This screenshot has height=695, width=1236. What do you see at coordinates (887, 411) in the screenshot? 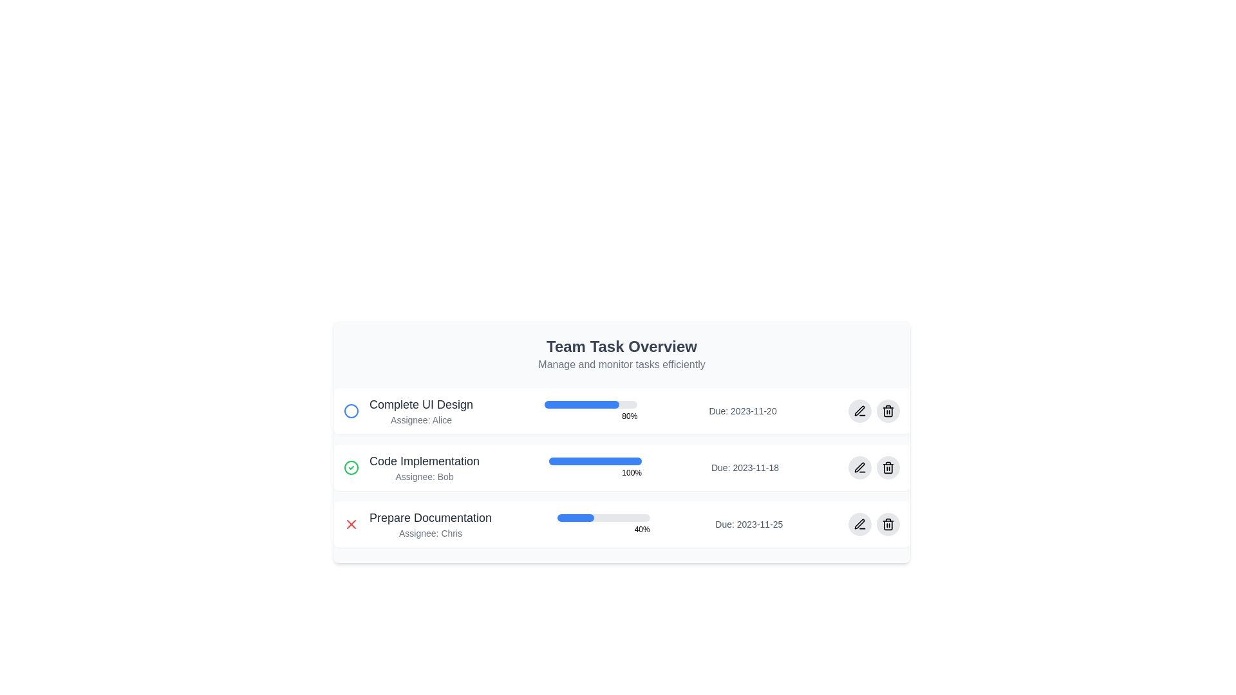
I see `the circular button with a light gray background and a black outline trash can icon, which is the second and rightmost button in the action icons alignment` at bounding box center [887, 411].